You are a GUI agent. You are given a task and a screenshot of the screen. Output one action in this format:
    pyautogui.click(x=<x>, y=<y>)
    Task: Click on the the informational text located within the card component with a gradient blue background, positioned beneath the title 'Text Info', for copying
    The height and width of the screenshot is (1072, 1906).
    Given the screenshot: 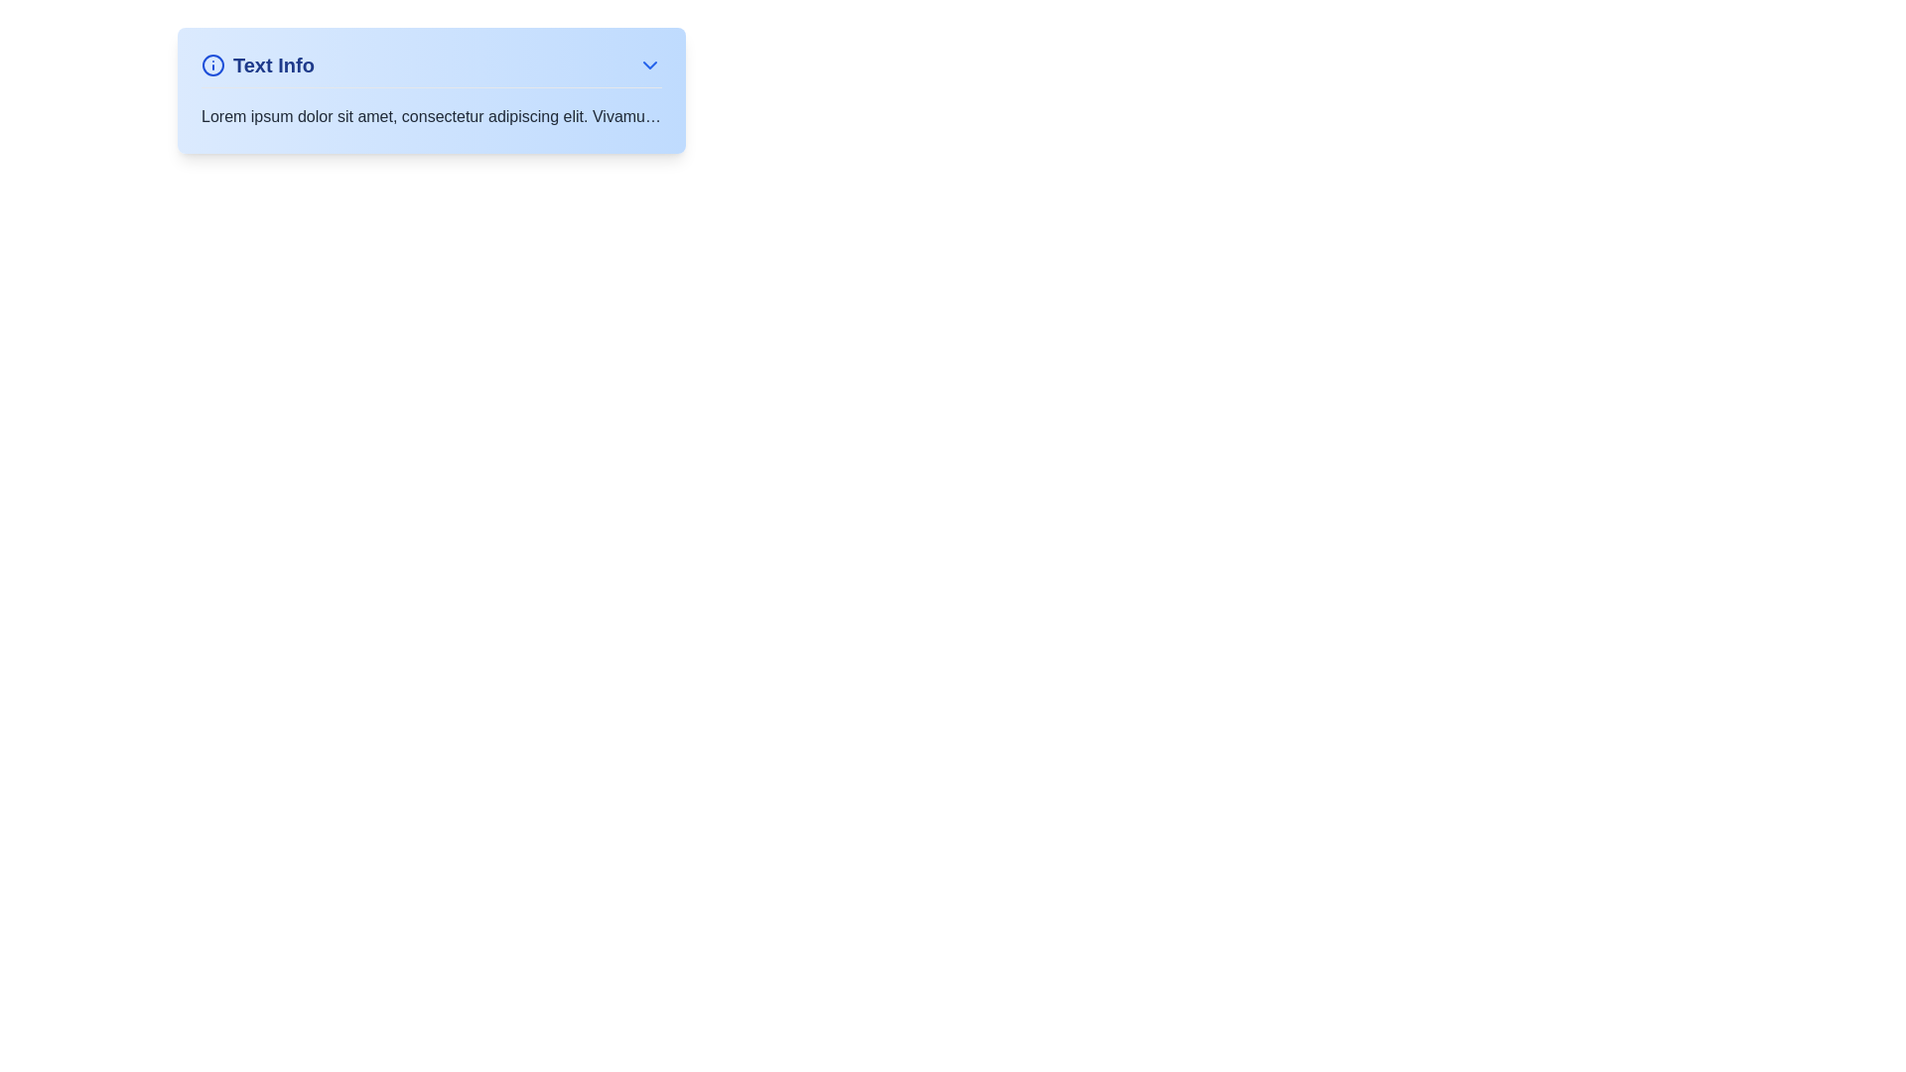 What is the action you would take?
    pyautogui.click(x=431, y=117)
    